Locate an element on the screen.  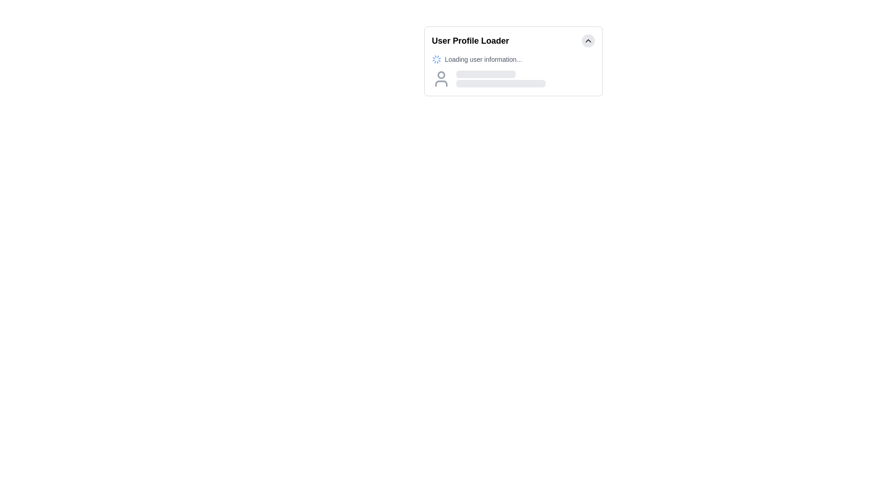
the Status Message indicating that the application is loading user information, positioned below the title 'User Profile Loader' is located at coordinates (513, 59).